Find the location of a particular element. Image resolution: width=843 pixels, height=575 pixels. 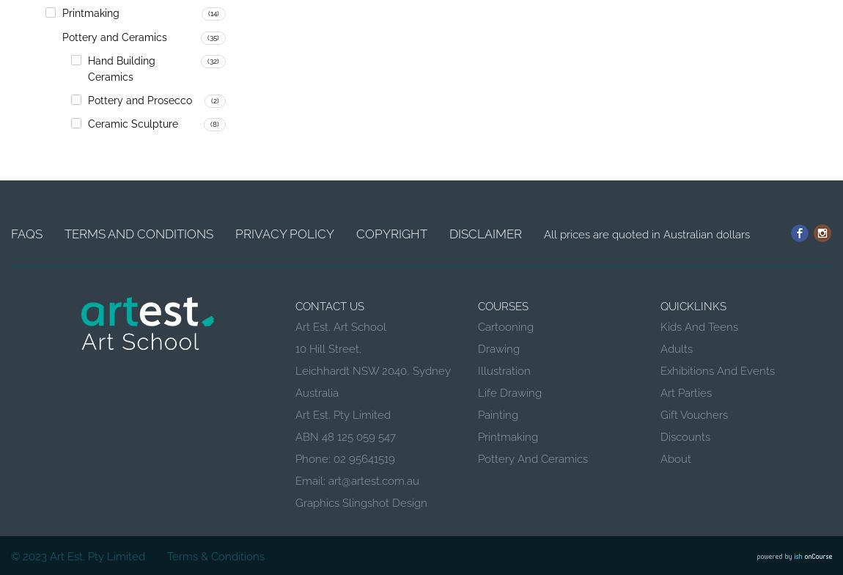

'Graphics Slingshot Design' is located at coordinates (361, 503).